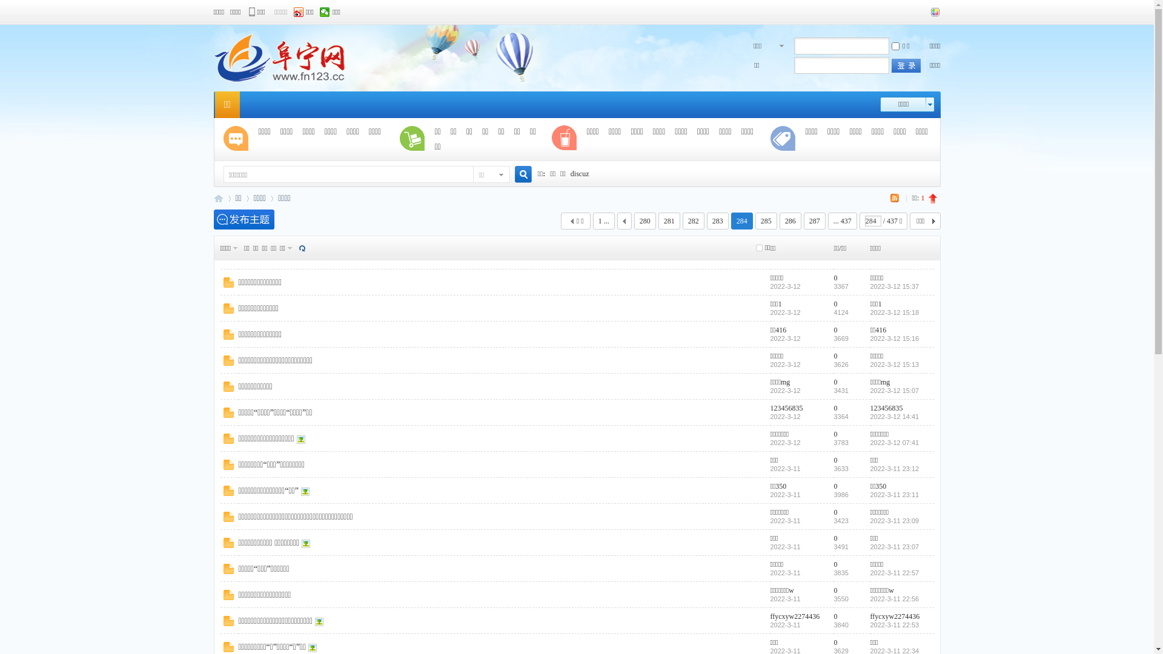 The image size is (1163, 654). What do you see at coordinates (894, 520) in the screenshot?
I see `'2022-3-11 23:09'` at bounding box center [894, 520].